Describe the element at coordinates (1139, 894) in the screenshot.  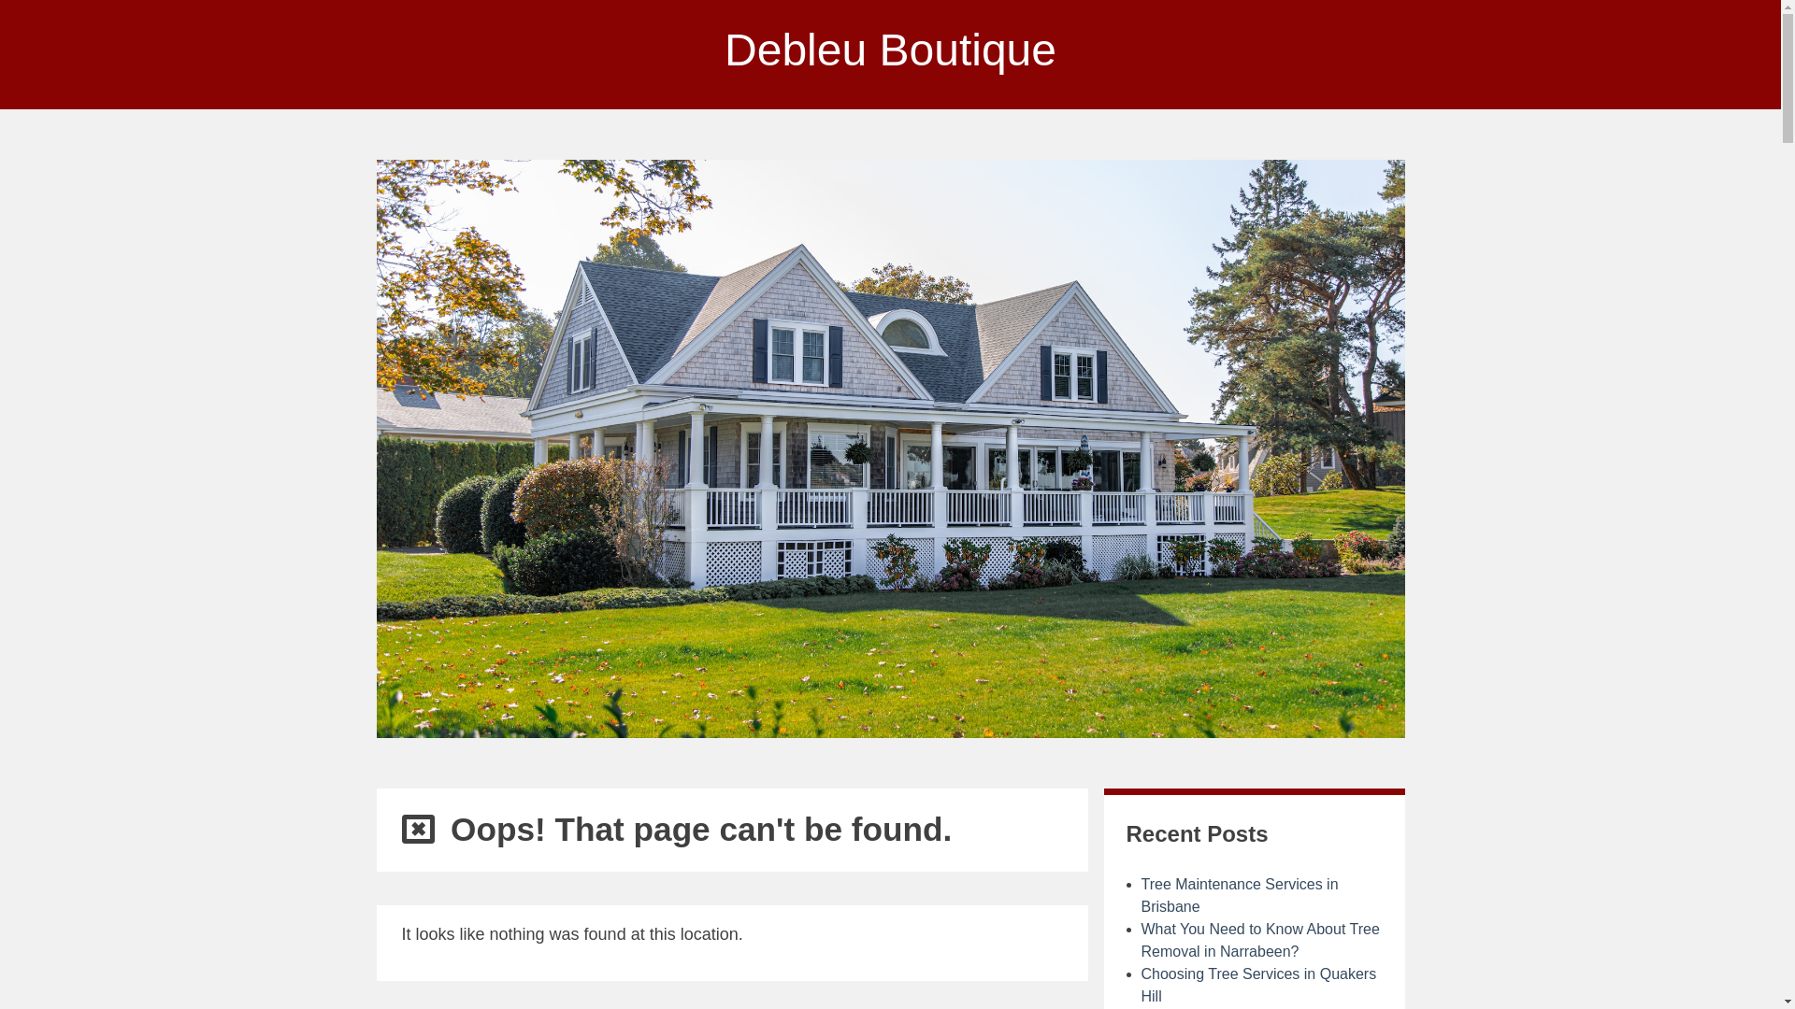
I see `'Tree Maintenance Services in Brisbane'` at that location.